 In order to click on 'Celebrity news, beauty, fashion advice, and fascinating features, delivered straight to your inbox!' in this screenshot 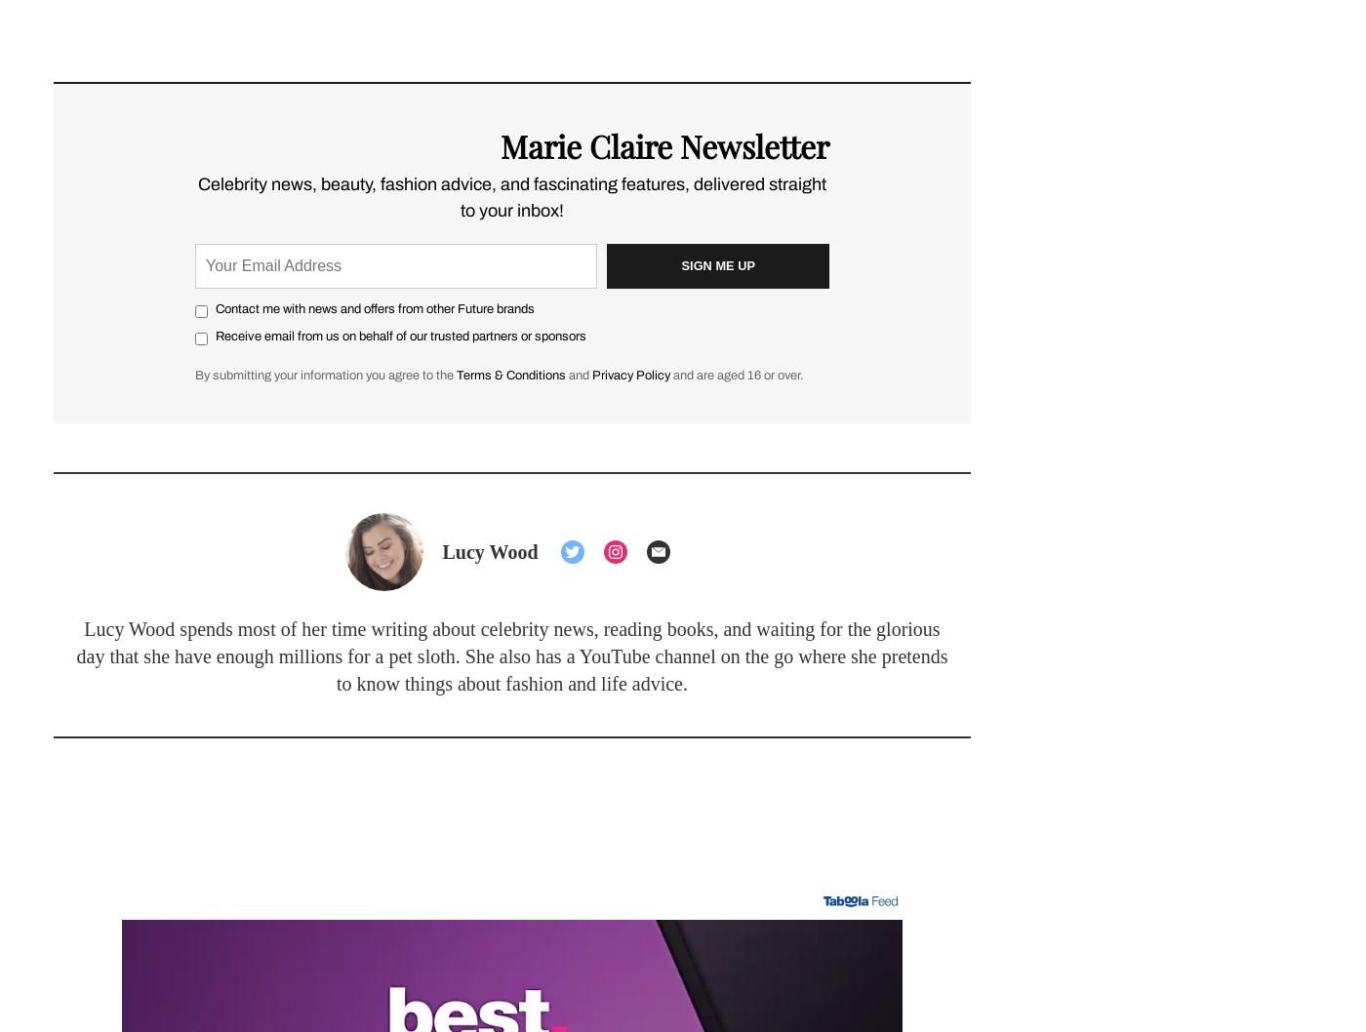, I will do `click(512, 196)`.